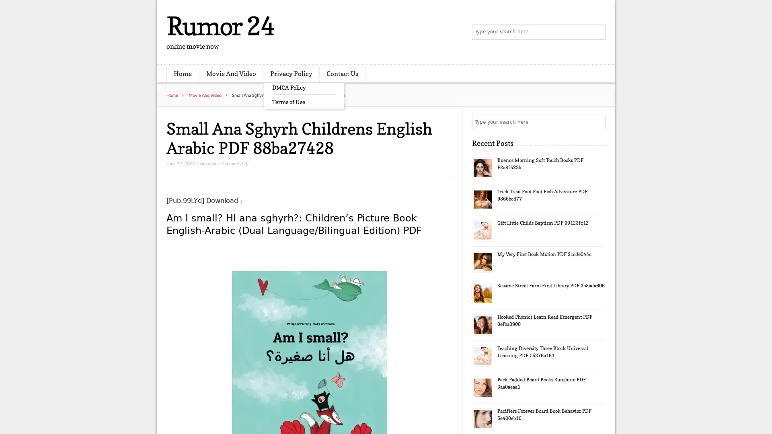 This screenshot has height=434, width=772. What do you see at coordinates (597, 32) in the screenshot?
I see `Search` at bounding box center [597, 32].